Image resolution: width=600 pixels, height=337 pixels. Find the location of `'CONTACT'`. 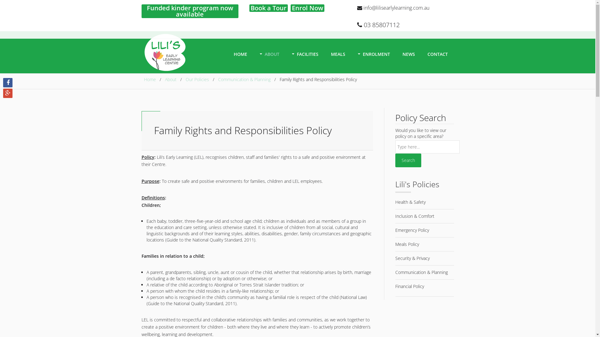

'CONTACT' is located at coordinates (421, 52).